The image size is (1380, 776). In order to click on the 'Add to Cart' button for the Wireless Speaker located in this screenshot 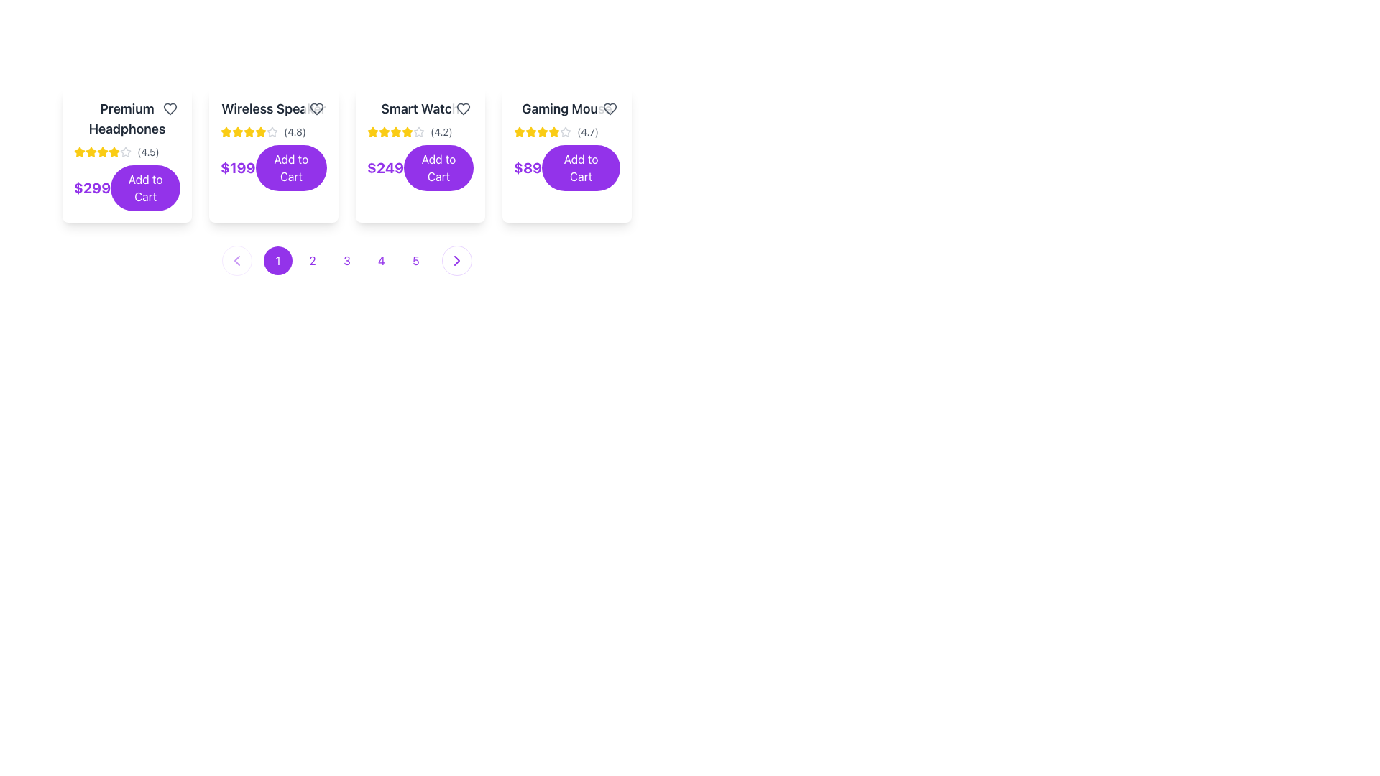, I will do `click(290, 167)`.